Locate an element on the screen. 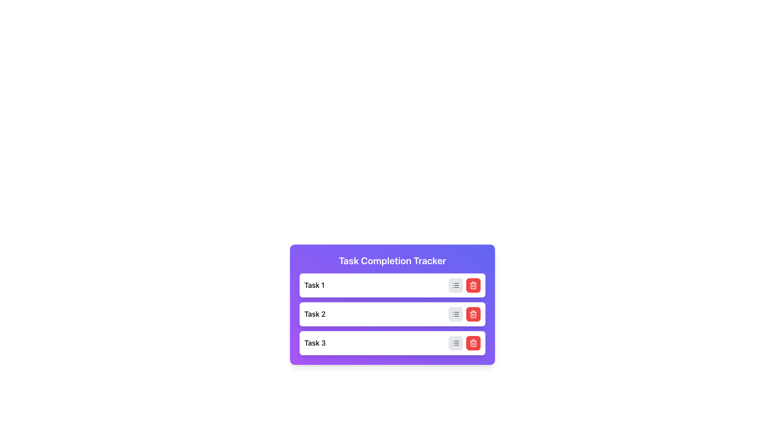 This screenshot has height=433, width=769. the trash icon button, which is a red circular button with a white bin symbol, located at the far right end of the second row in the 'Task Completion Tracker' section, adjacent to 'Task 2' is located at coordinates (473, 285).